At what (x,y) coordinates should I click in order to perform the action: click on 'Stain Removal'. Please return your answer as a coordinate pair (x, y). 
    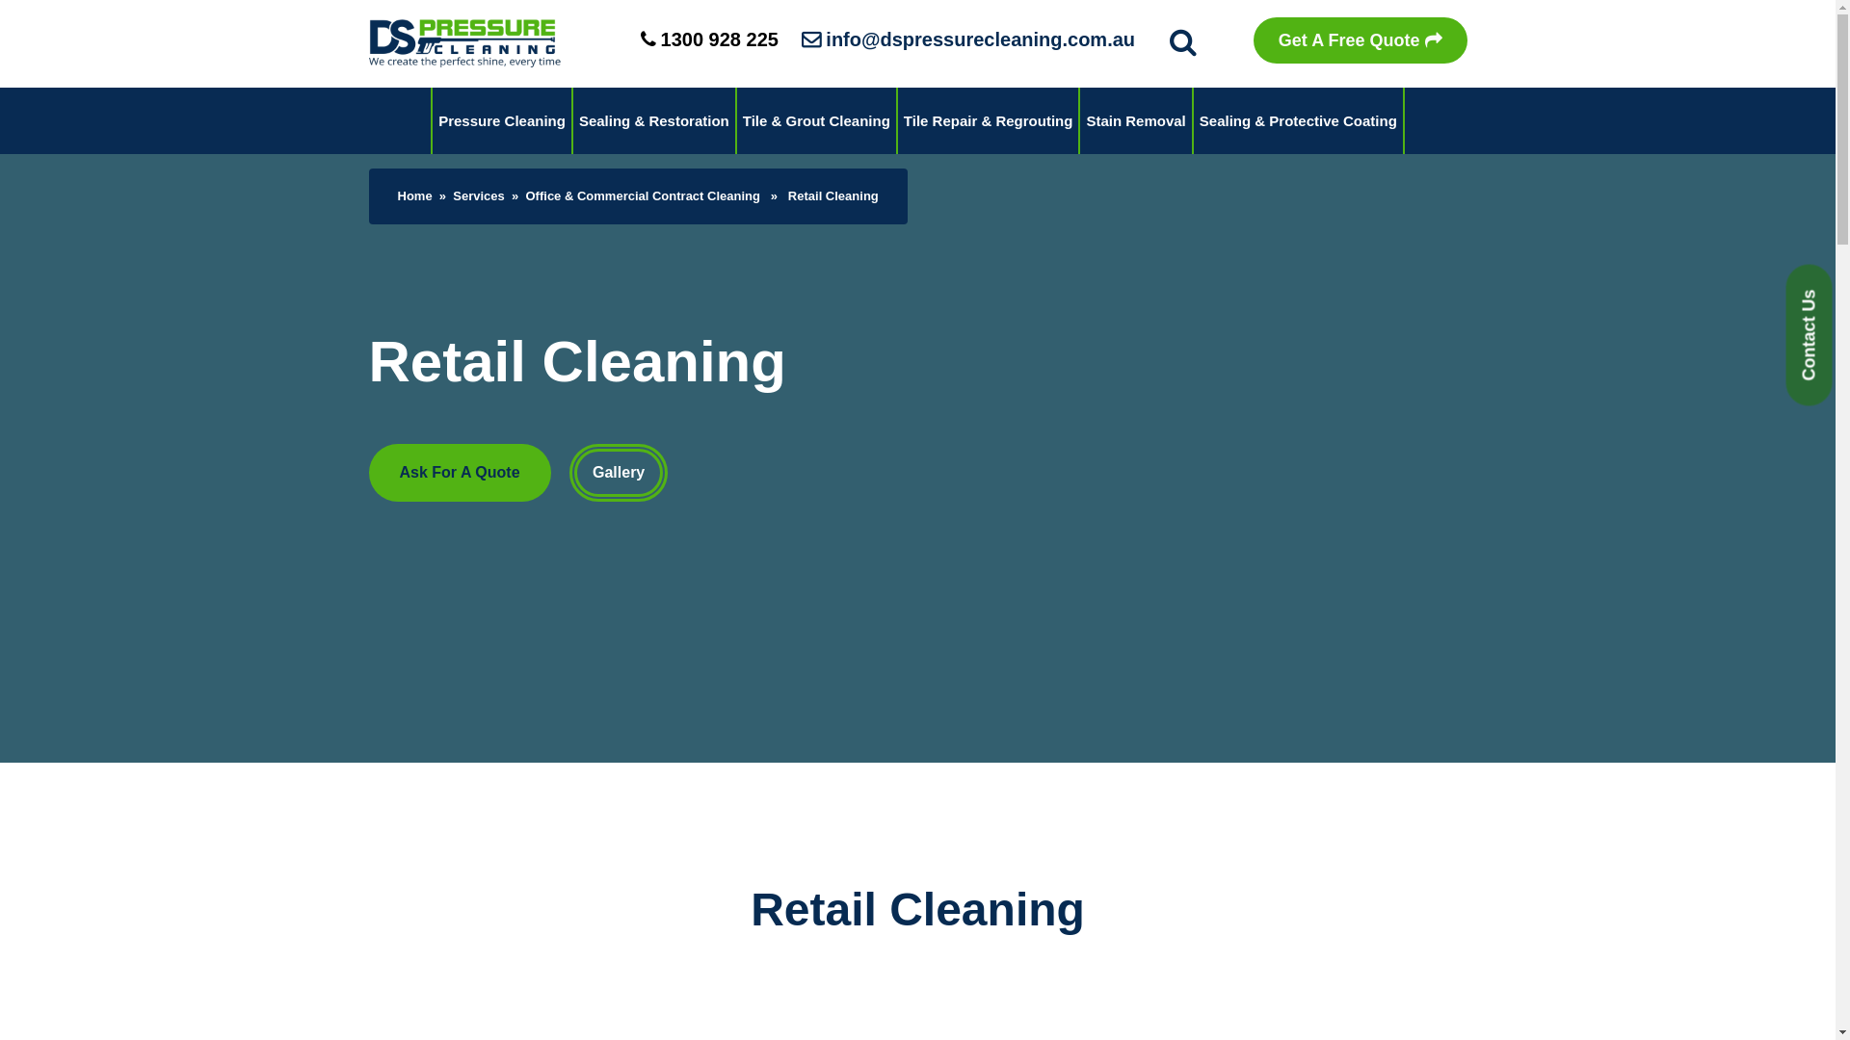
    Looking at the image, I should click on (1135, 120).